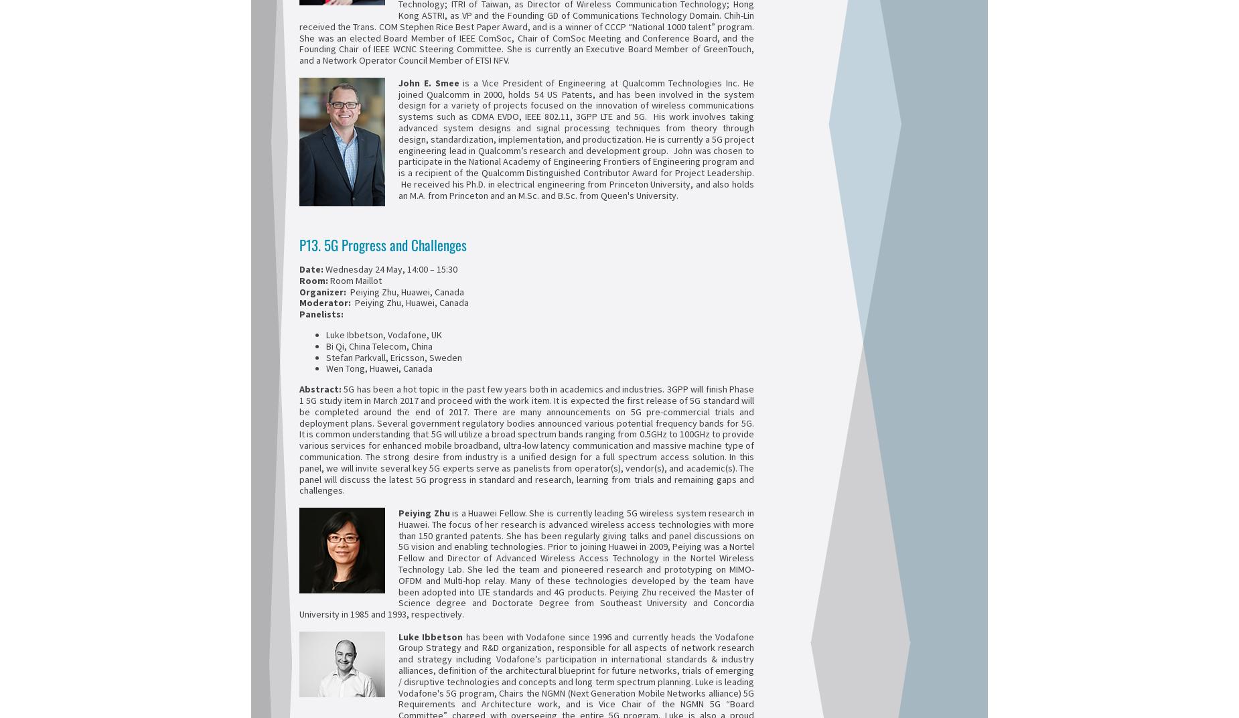  Describe the element at coordinates (320, 388) in the screenshot. I see `'Abstract:'` at that location.